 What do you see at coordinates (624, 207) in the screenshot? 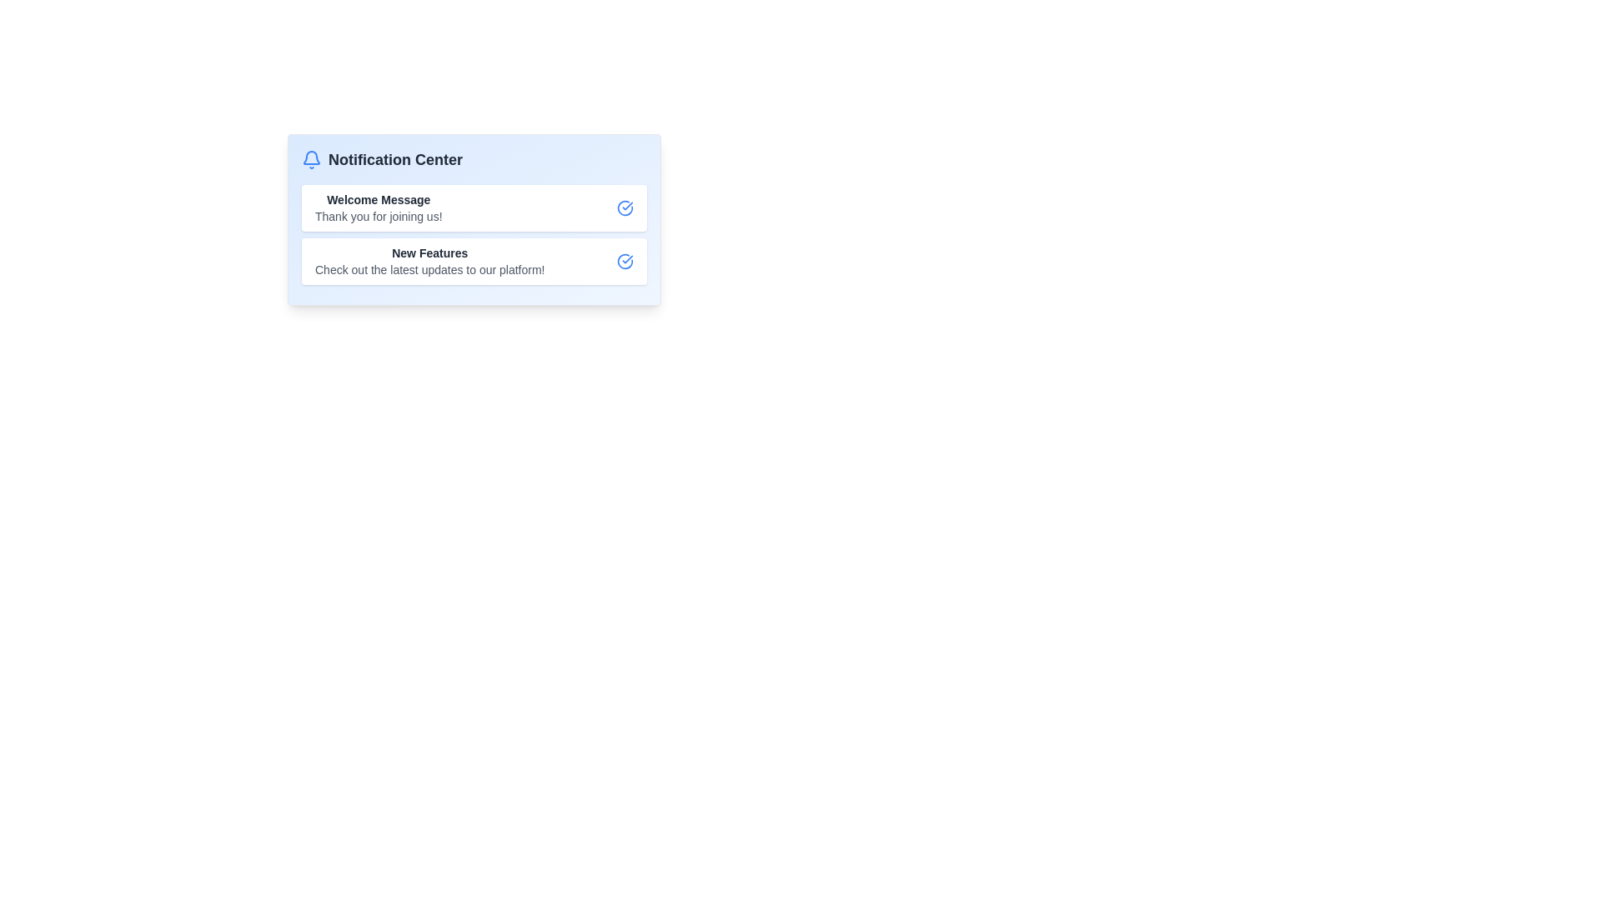
I see `the circular icon button with a checkmark, located in the top-right corner of the 'Welcome Message' notification box` at bounding box center [624, 207].